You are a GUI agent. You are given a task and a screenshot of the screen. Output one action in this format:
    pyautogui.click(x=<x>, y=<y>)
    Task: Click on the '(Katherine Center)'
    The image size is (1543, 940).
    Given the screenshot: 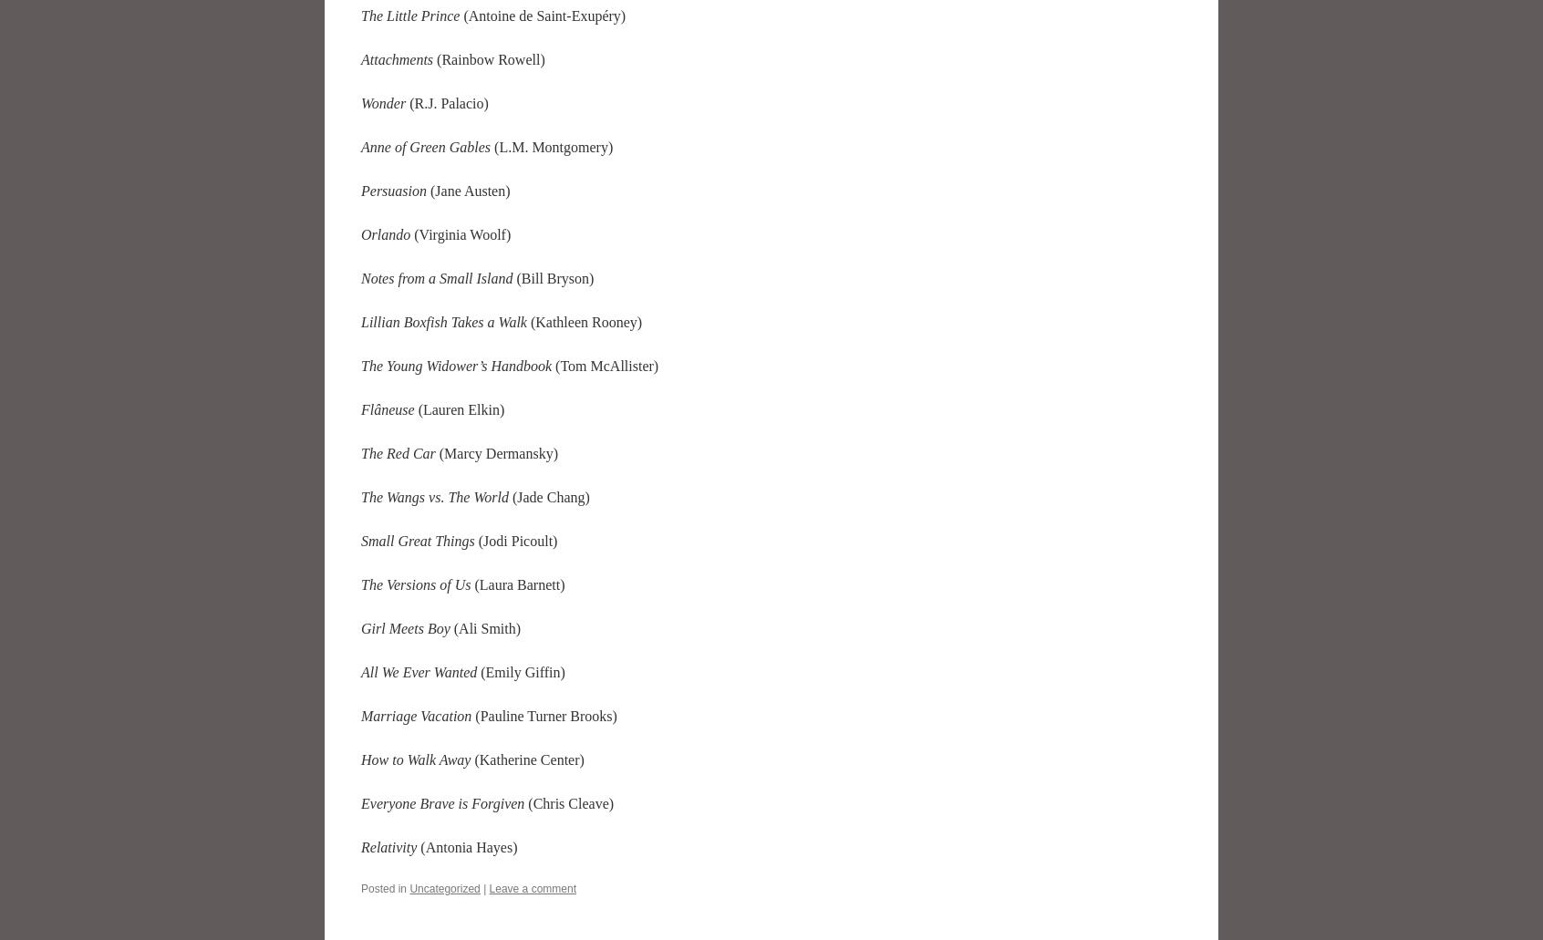 What is the action you would take?
    pyautogui.click(x=528, y=759)
    